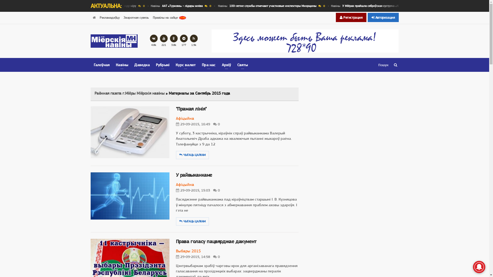 This screenshot has height=277, width=493. What do you see at coordinates (213, 190) in the screenshot?
I see `'0'` at bounding box center [213, 190].